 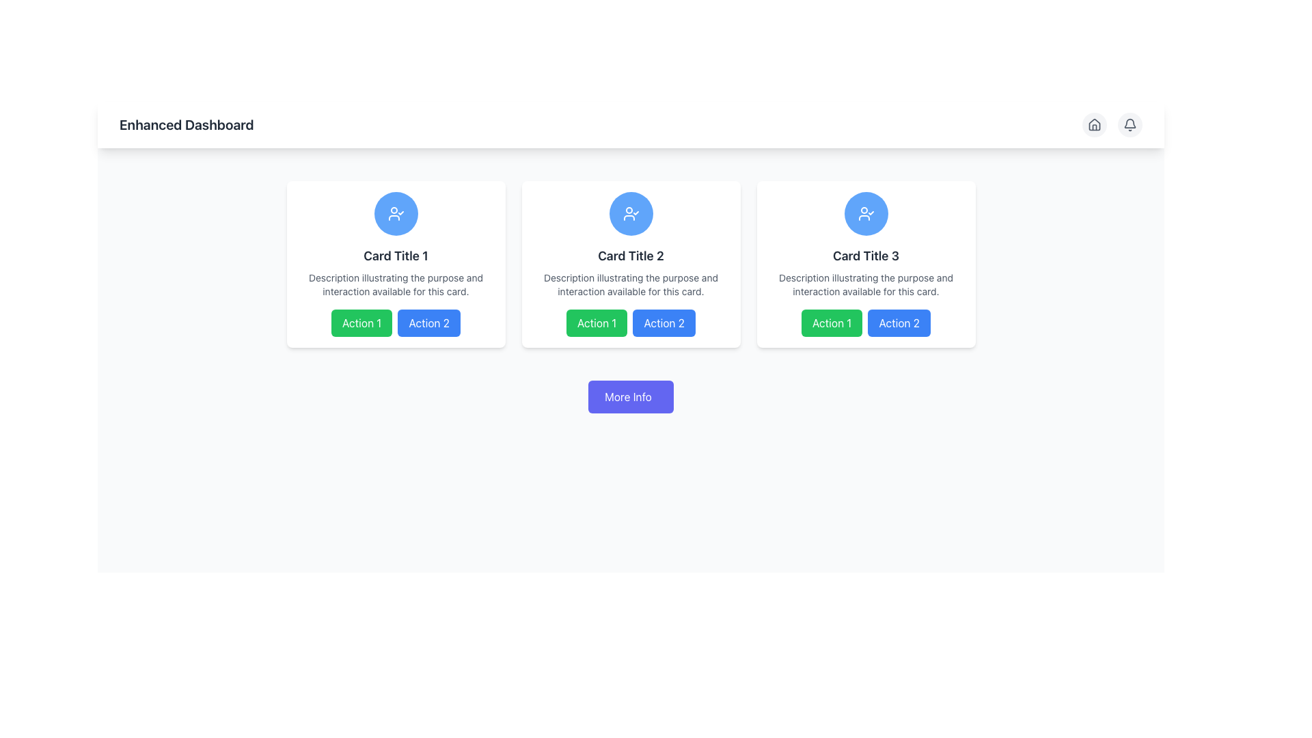 I want to click on the circular button with a house icon in the upper-right corner of the interface, so click(x=1095, y=124).